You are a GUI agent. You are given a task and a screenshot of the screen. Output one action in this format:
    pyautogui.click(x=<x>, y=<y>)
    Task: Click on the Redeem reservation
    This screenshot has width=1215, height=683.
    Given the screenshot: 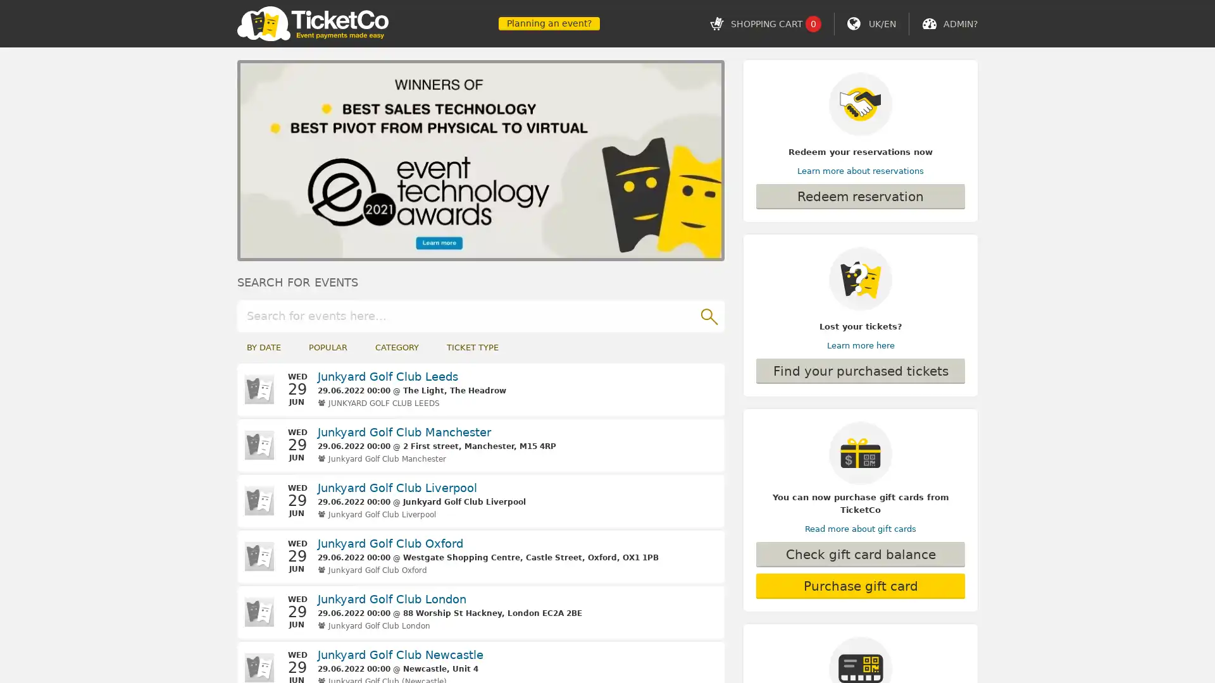 What is the action you would take?
    pyautogui.click(x=860, y=197)
    